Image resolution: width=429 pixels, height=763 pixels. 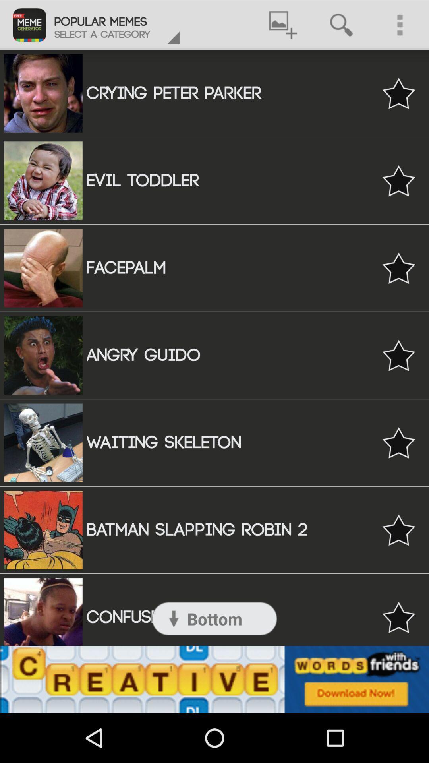 I want to click on bookmark, so click(x=398, y=93).